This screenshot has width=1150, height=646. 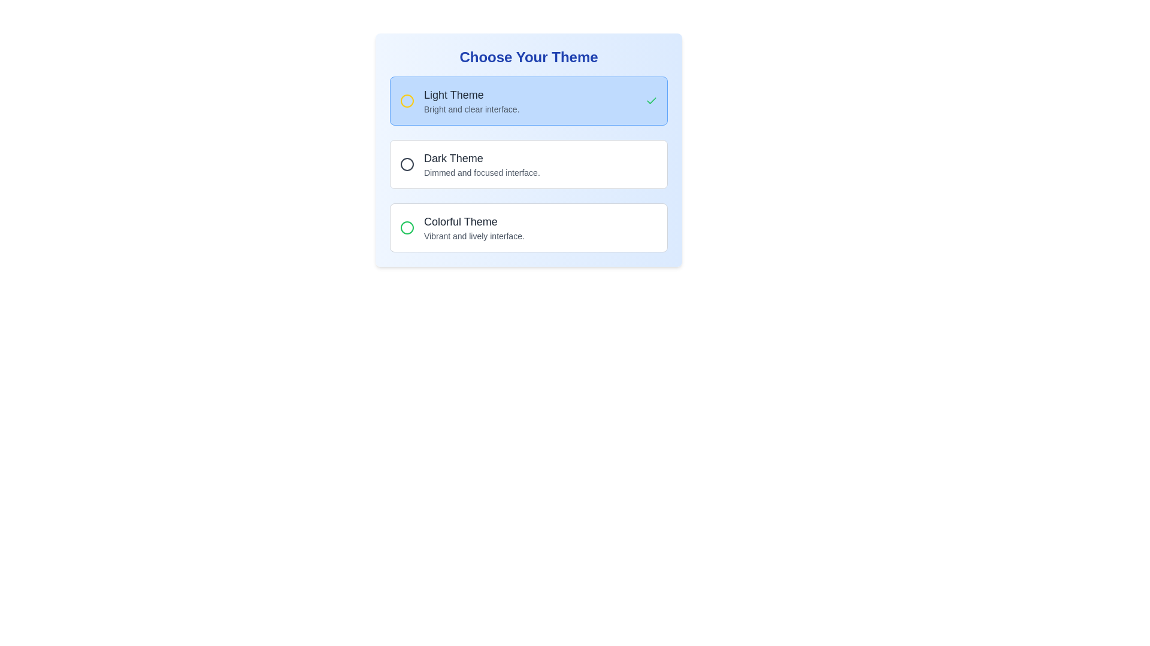 I want to click on text label providing additional details about the 'Colorful Theme', located below the 'Colorful Theme' text in the theme options list, so click(x=474, y=236).